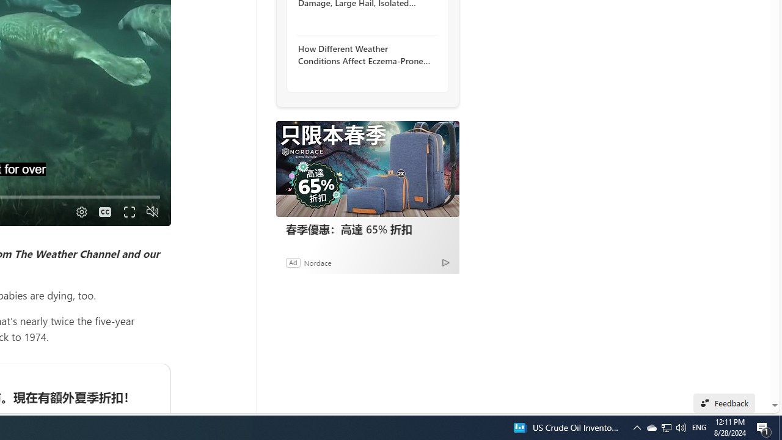 The width and height of the screenshot is (782, 440). Describe the element at coordinates (79, 211) in the screenshot. I see `'Quality Settings'` at that location.